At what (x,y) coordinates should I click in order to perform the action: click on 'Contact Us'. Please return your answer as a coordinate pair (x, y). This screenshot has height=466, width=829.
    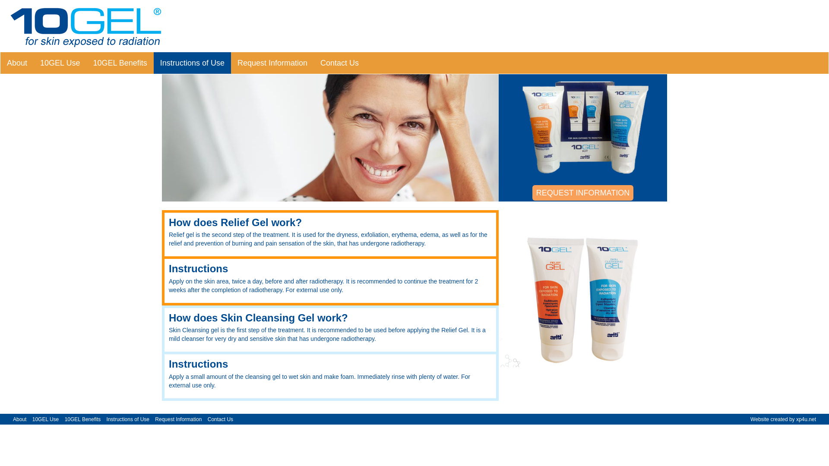
    Looking at the image, I should click on (221, 419).